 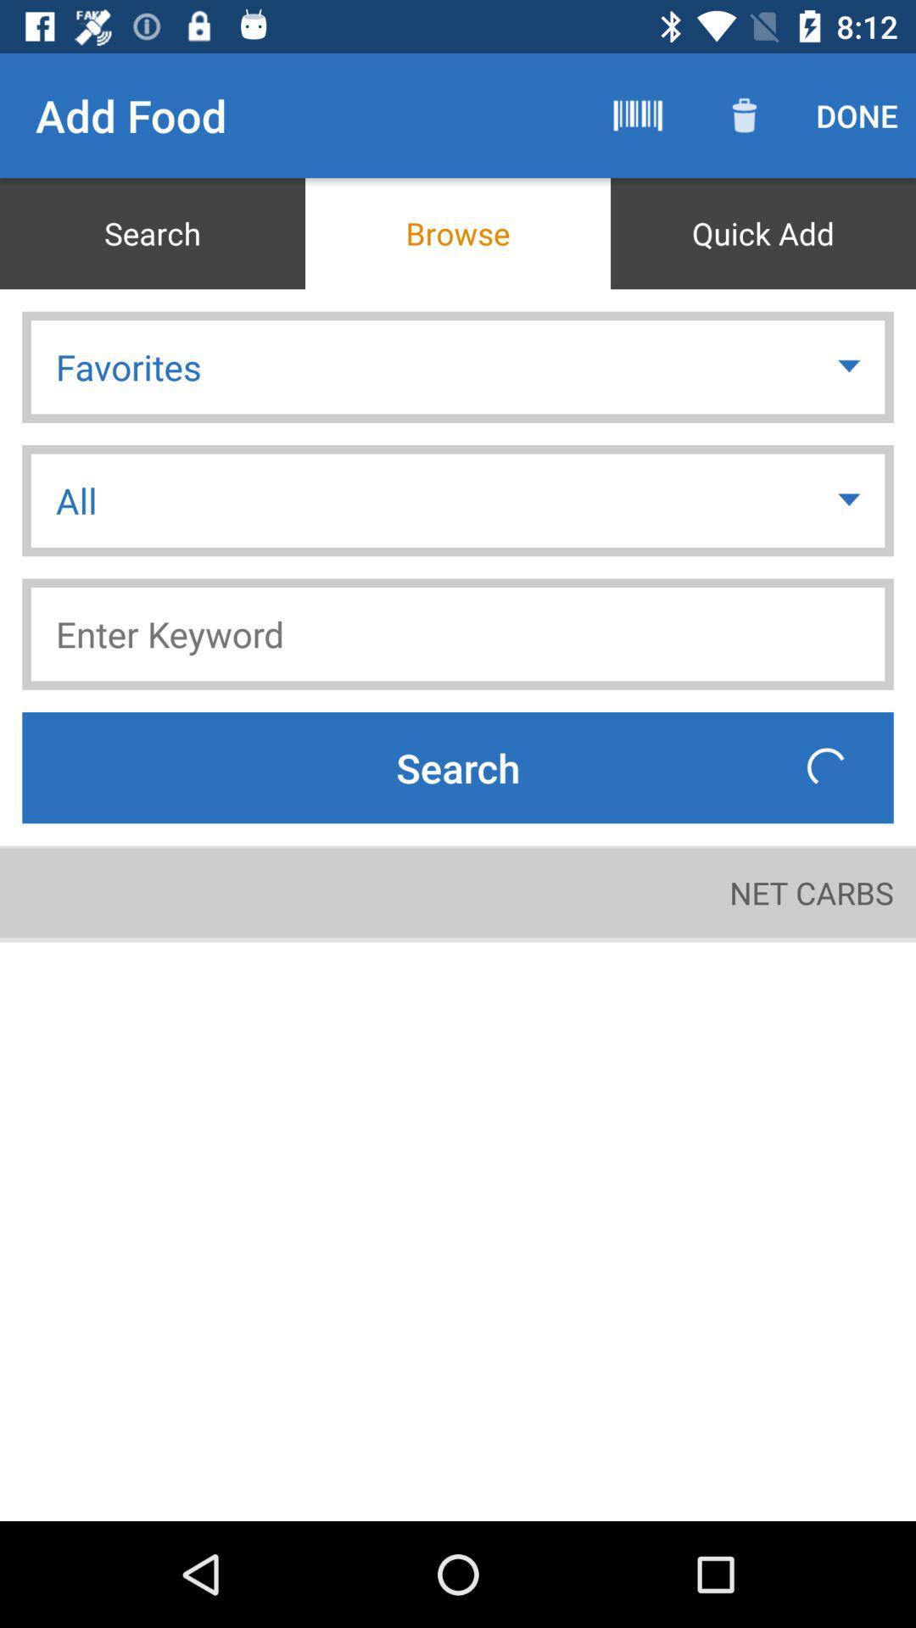 What do you see at coordinates (810, 891) in the screenshot?
I see `net carbs item` at bounding box center [810, 891].